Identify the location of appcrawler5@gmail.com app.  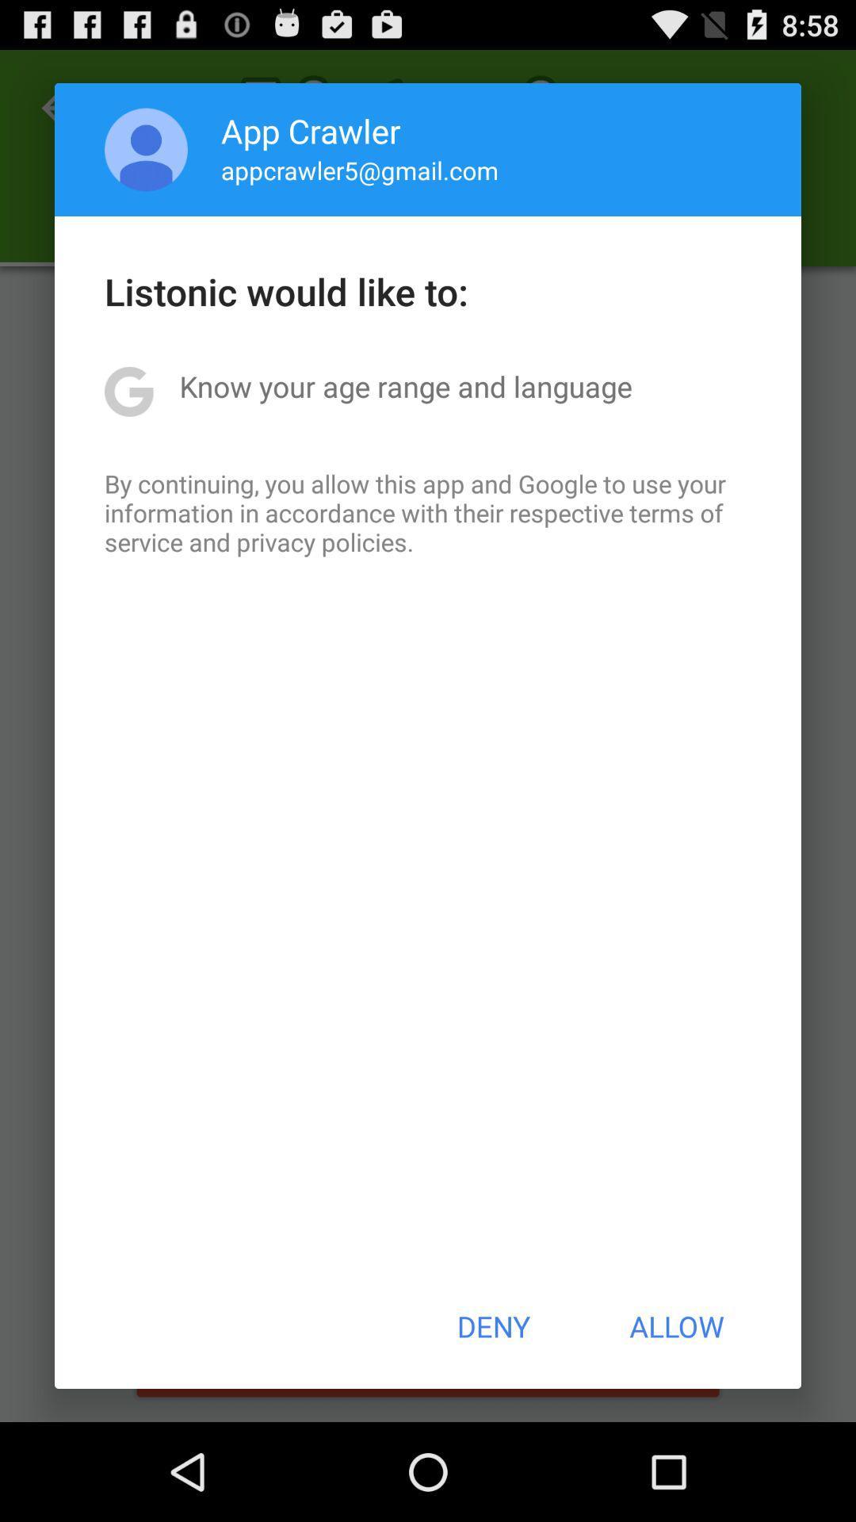
(360, 170).